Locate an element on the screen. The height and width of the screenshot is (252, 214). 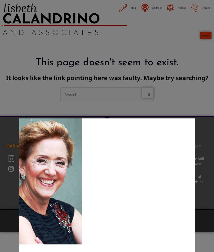
'(518) 495-5380' is located at coordinates (130, 163).